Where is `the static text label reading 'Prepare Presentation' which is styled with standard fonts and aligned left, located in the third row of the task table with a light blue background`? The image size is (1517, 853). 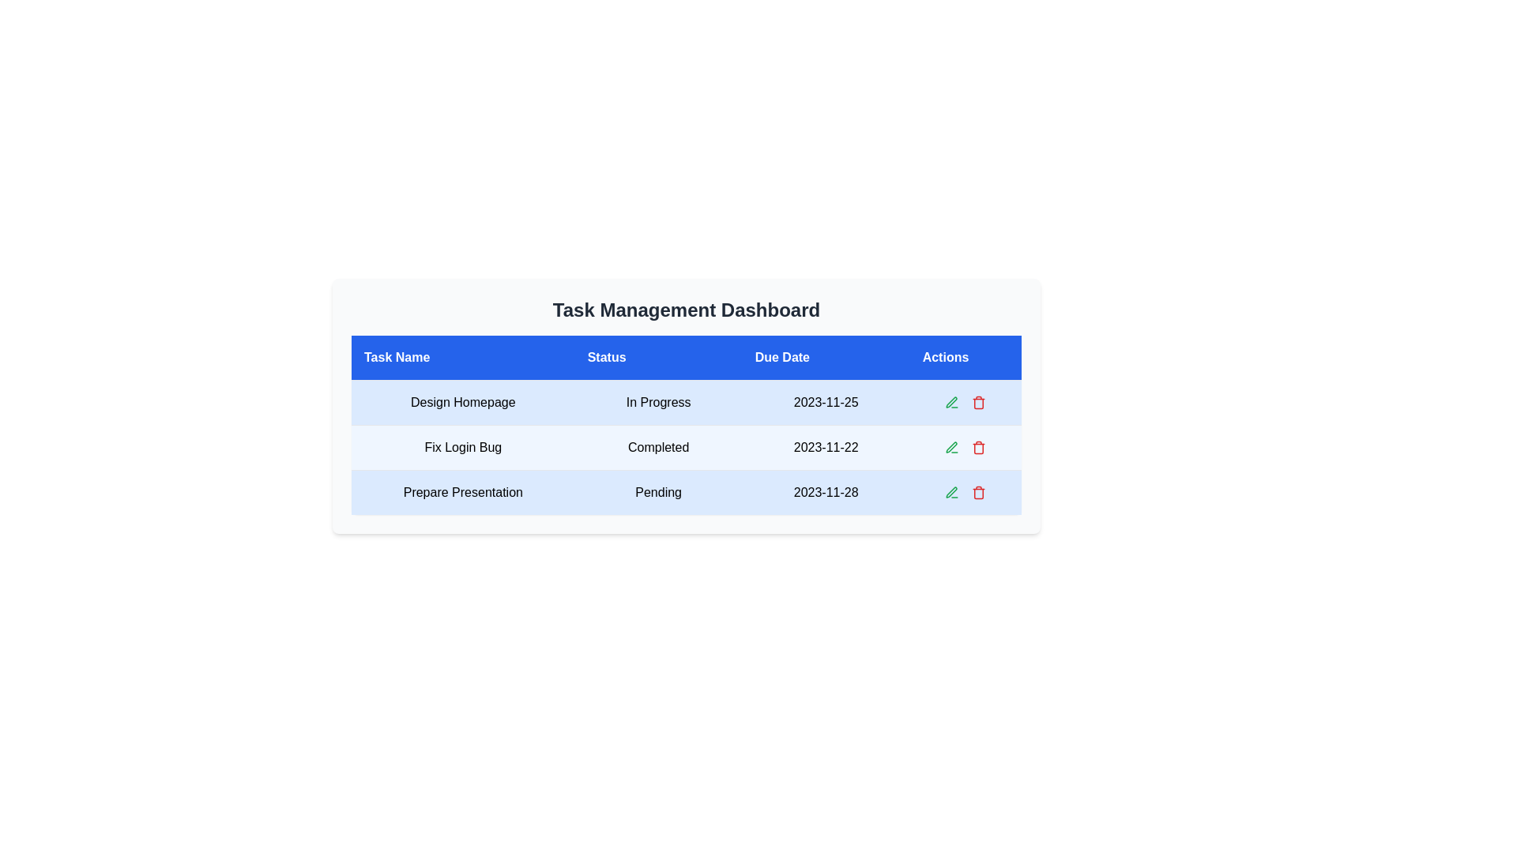 the static text label reading 'Prepare Presentation' which is styled with standard fonts and aligned left, located in the third row of the task table with a light blue background is located at coordinates (462, 491).